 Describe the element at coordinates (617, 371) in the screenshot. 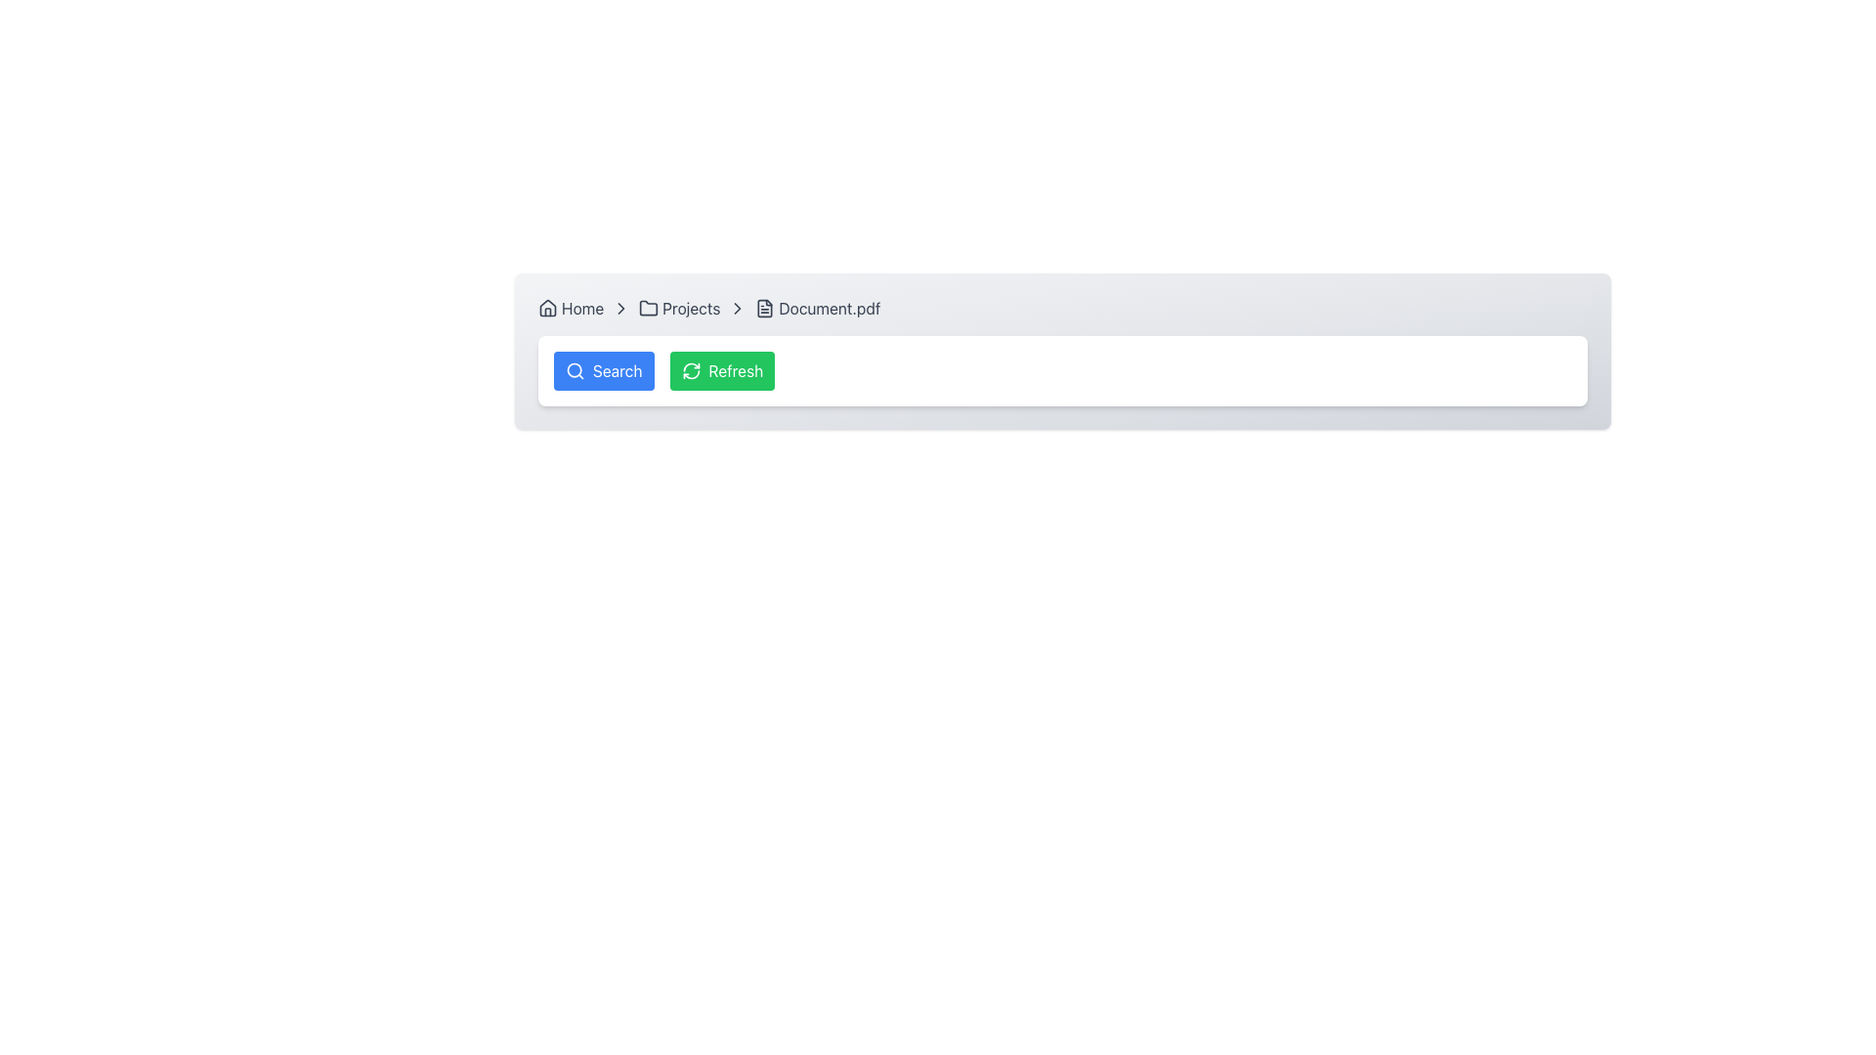

I see `the 'Search' button, which is a blue rectangular button with white uppercase text labeled 'Search', to initiate the search action` at that location.